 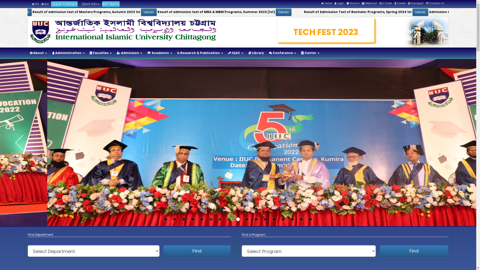 What do you see at coordinates (399, 3) in the screenshot?
I see `'Career'` at bounding box center [399, 3].